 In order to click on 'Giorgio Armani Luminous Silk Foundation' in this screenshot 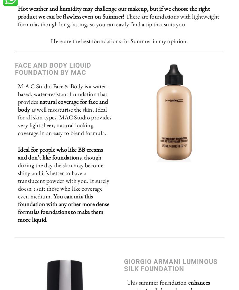, I will do `click(171, 265)`.